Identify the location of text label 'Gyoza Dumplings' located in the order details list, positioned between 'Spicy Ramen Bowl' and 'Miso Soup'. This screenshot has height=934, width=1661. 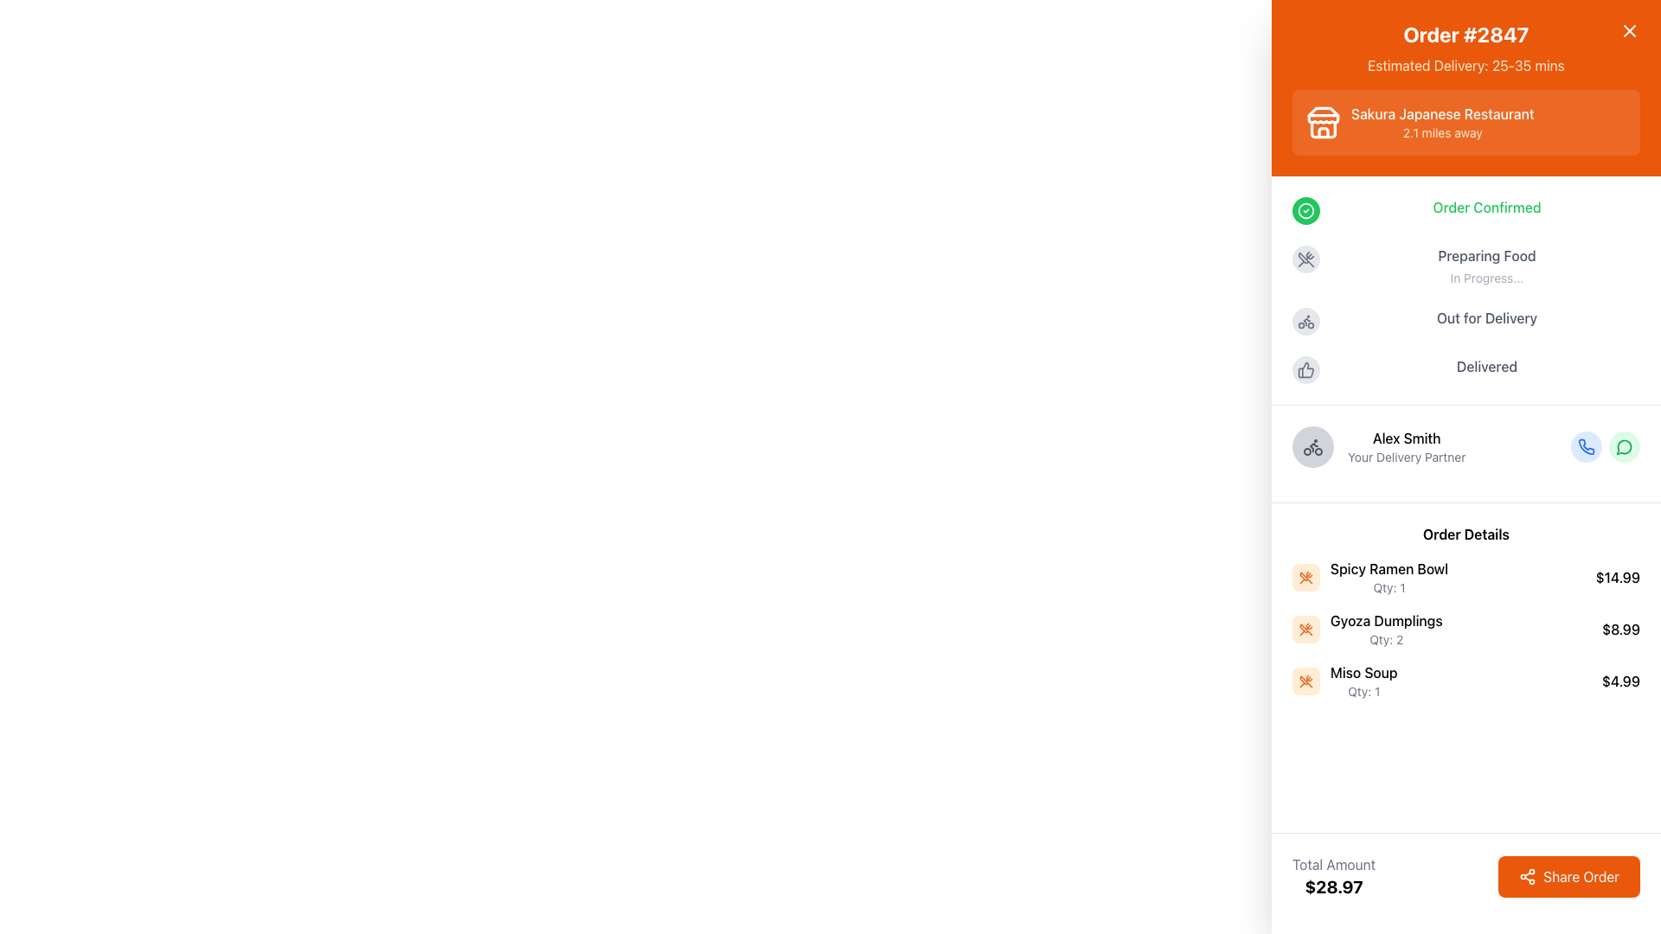
(1386, 619).